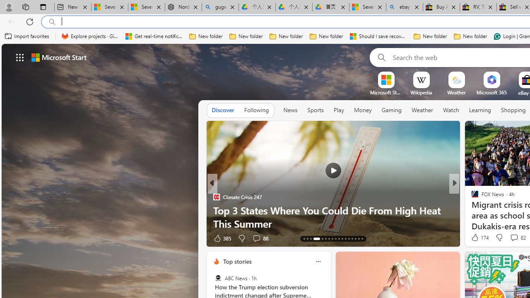 The width and height of the screenshot is (530, 298). Describe the element at coordinates (471, 197) in the screenshot. I see `'PsychLove'` at that location.